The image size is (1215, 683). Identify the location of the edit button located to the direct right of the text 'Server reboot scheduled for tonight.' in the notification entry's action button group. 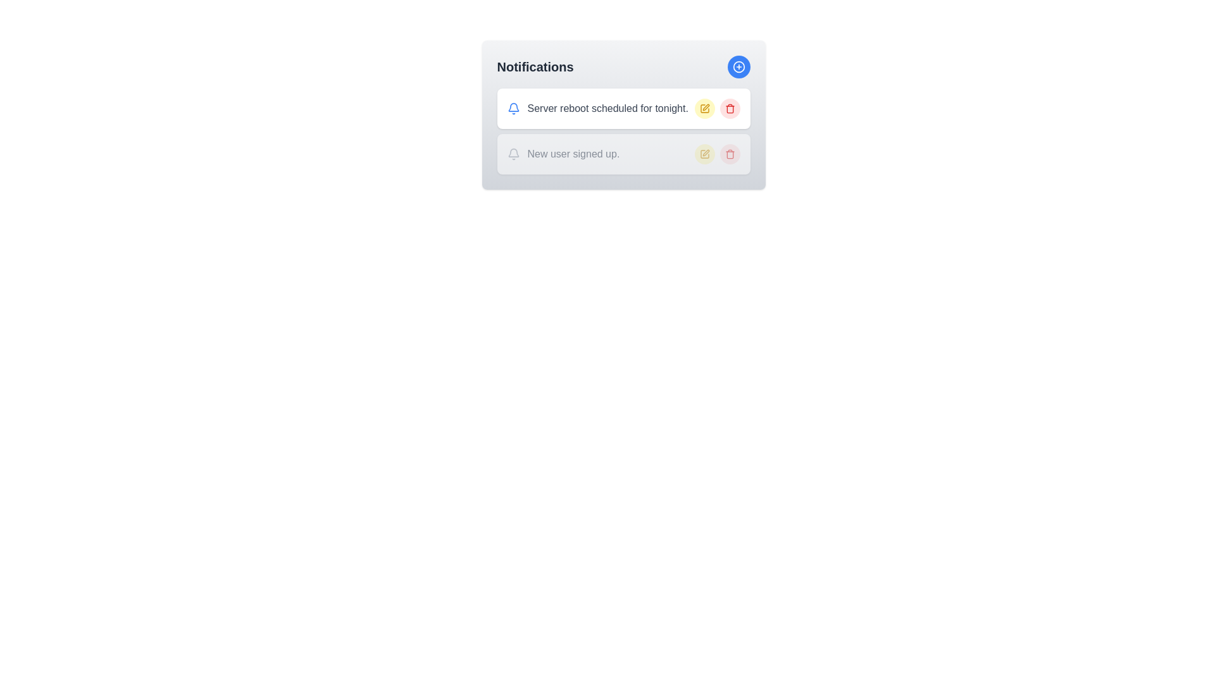
(704, 108).